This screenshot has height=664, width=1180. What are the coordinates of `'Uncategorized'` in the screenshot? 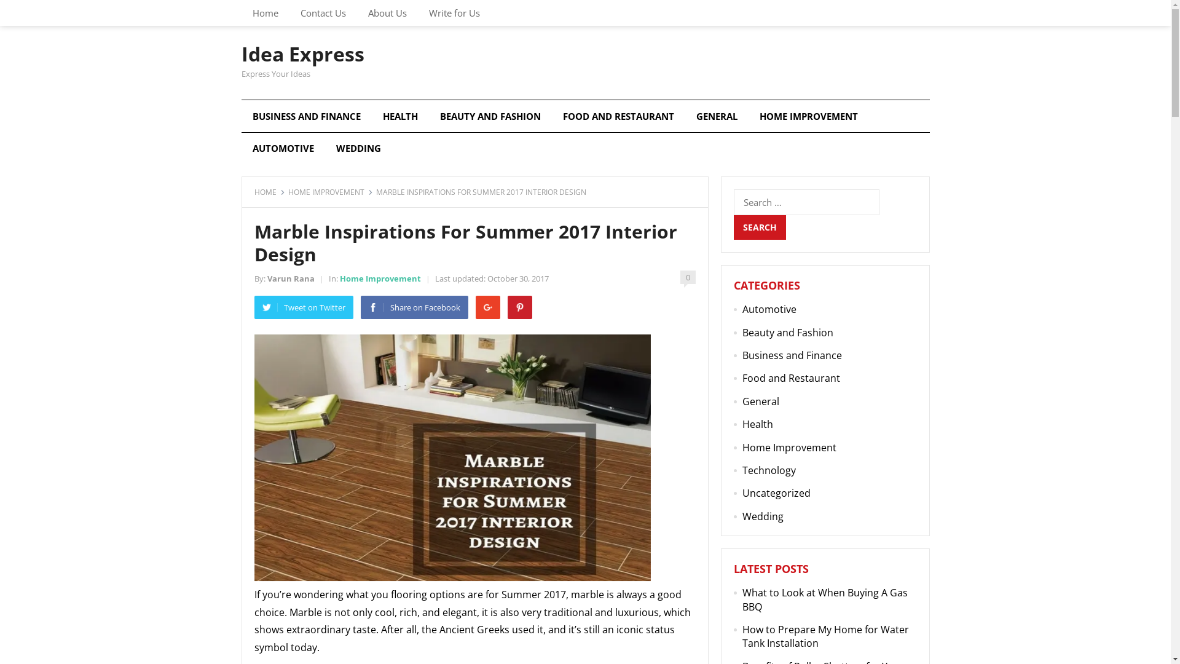 It's located at (776, 492).